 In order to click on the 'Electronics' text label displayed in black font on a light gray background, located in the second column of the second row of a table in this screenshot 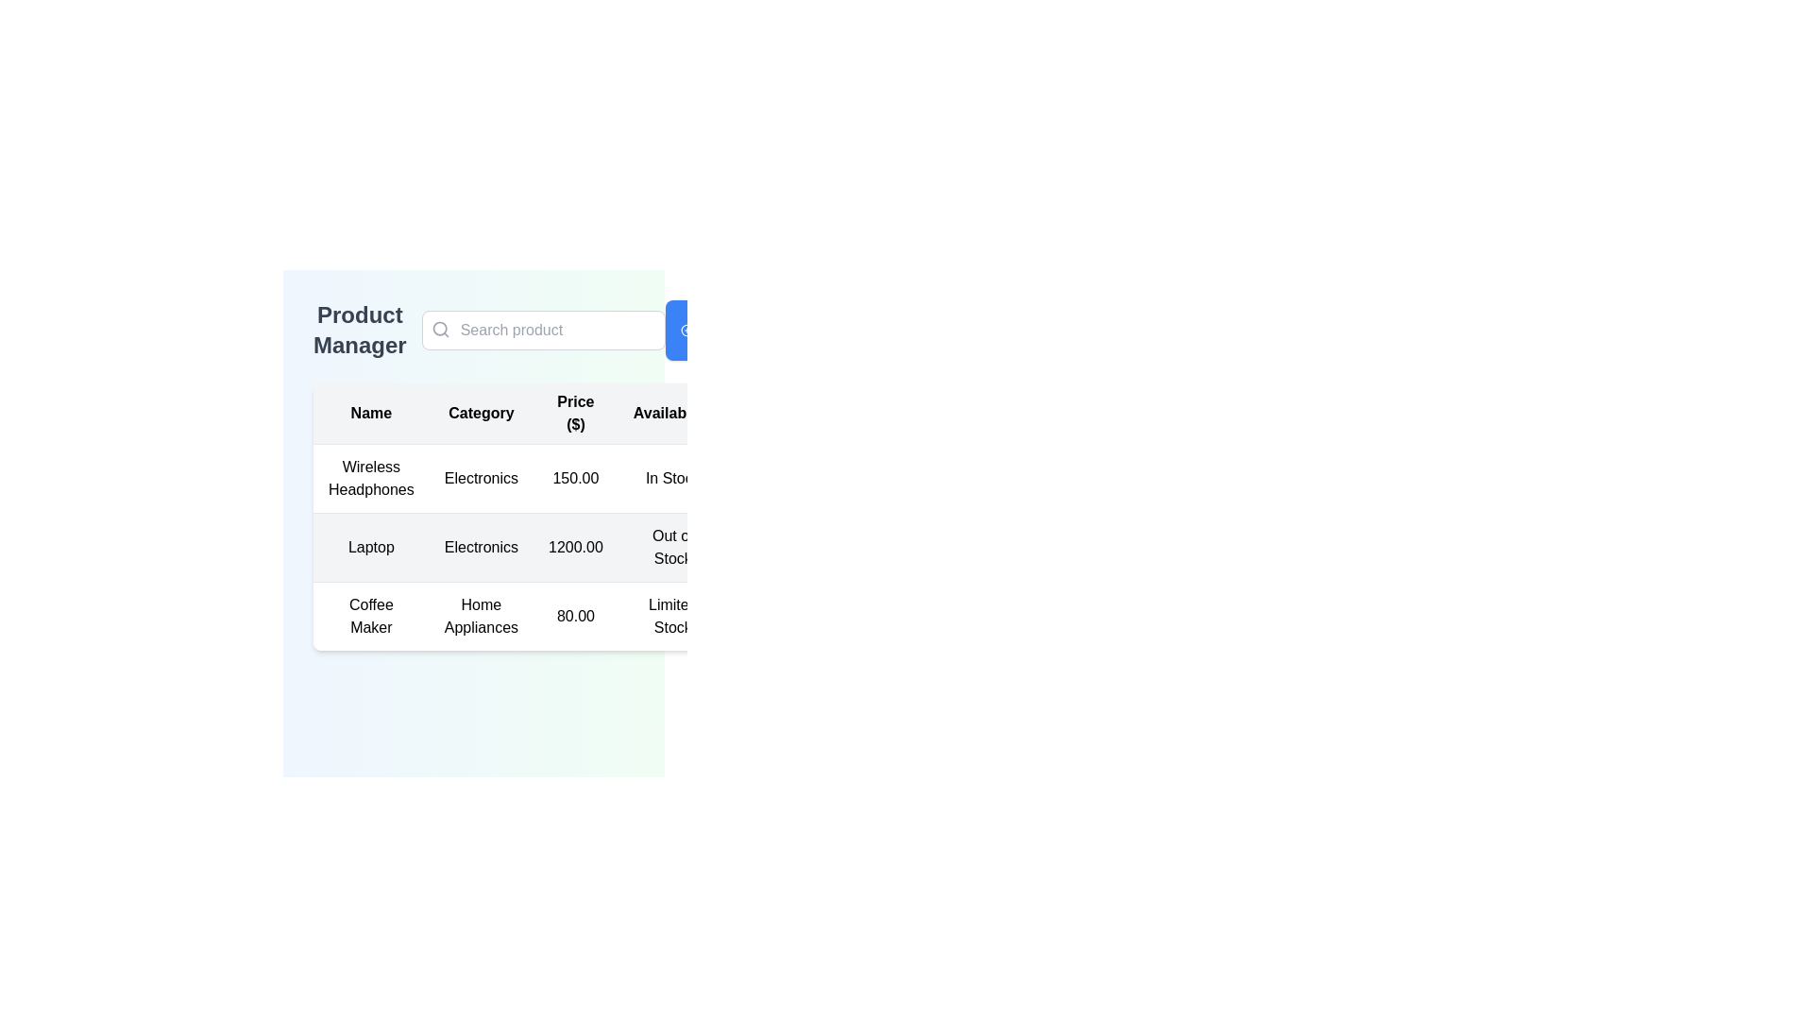, I will do `click(481, 547)`.